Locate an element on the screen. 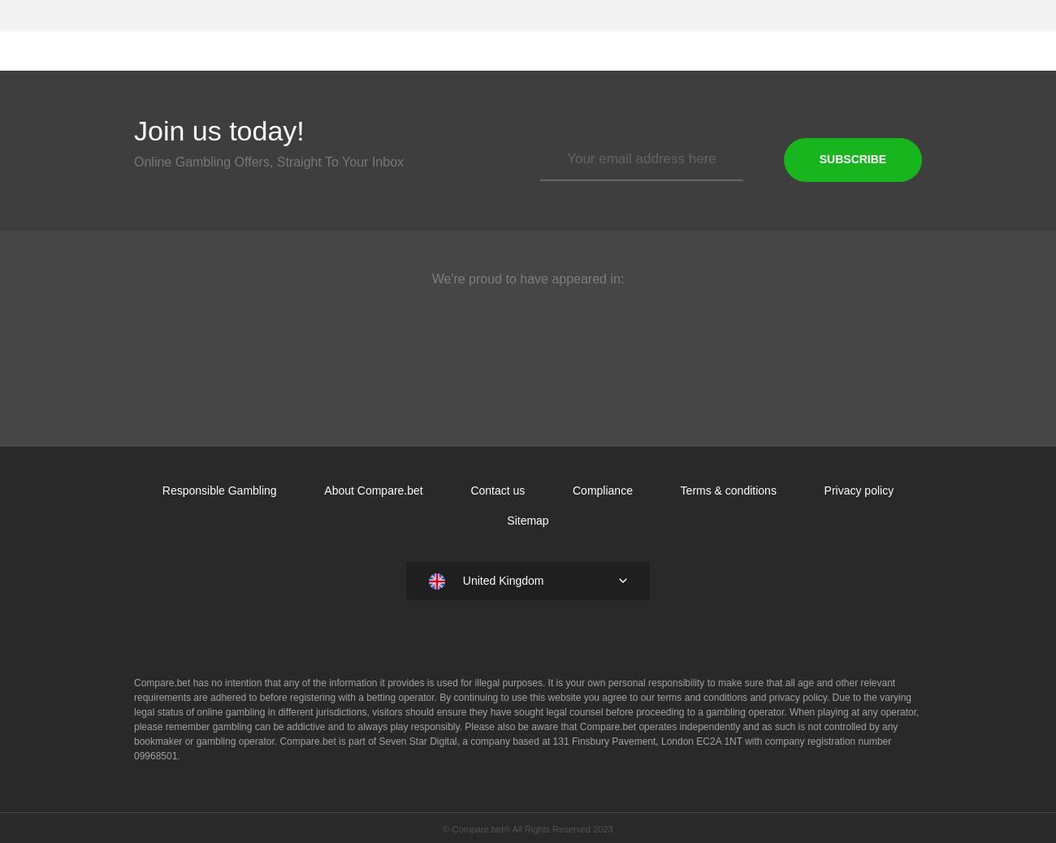 The width and height of the screenshot is (1056, 843). 'Responsible Gambling' is located at coordinates (162, 490).